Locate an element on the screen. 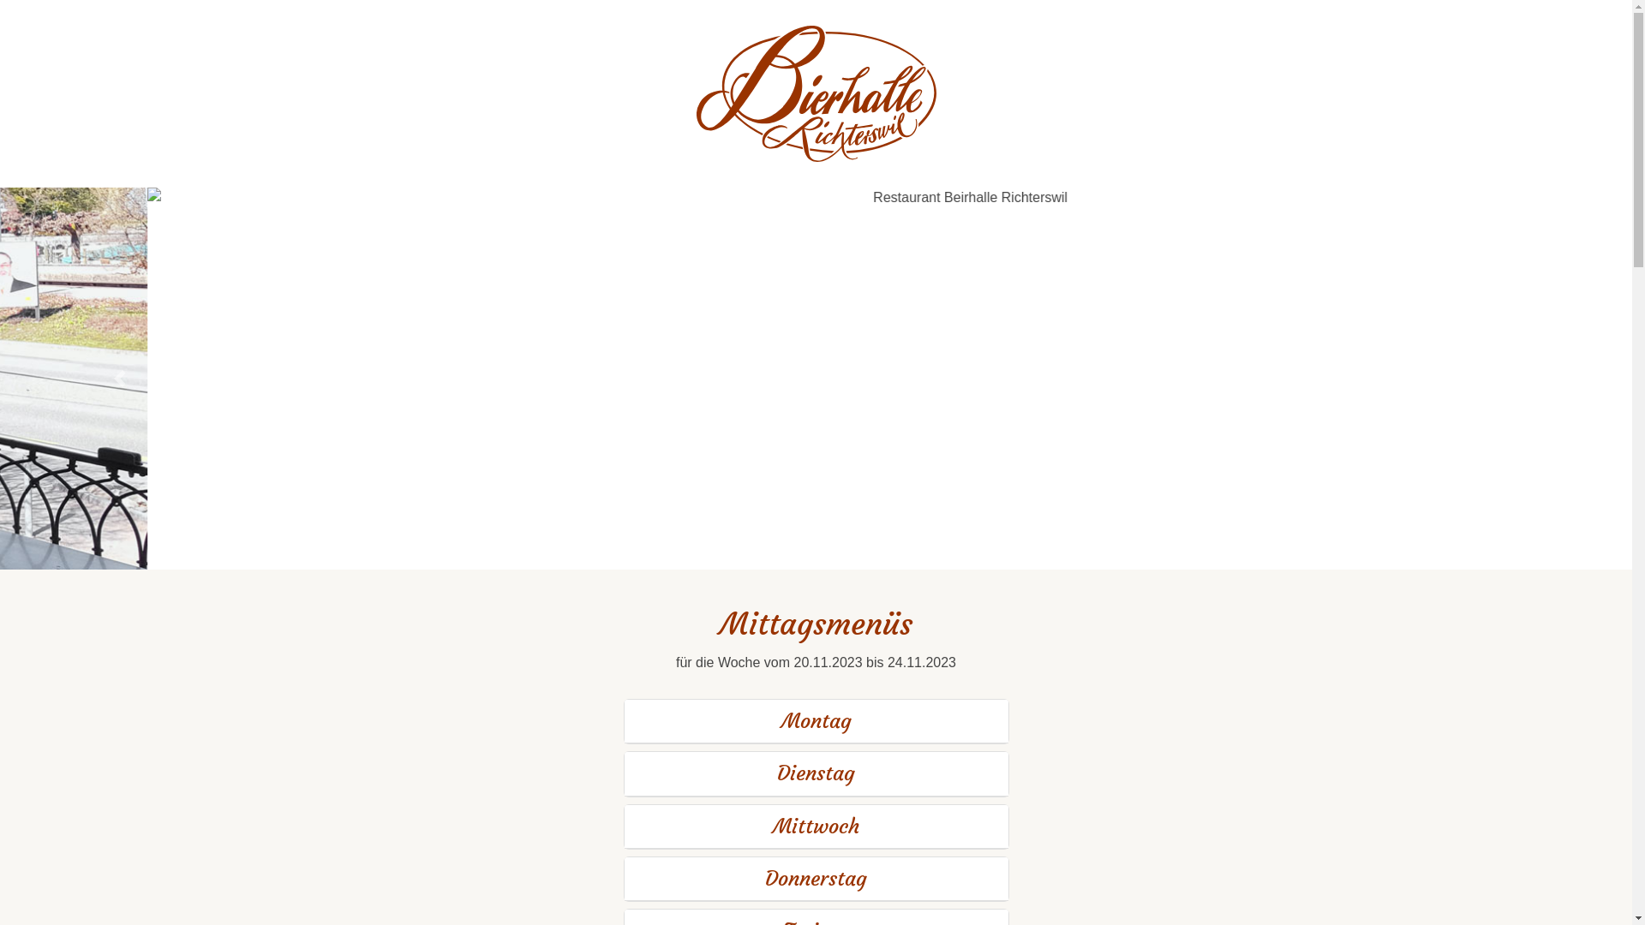  'Montag' is located at coordinates (814, 720).